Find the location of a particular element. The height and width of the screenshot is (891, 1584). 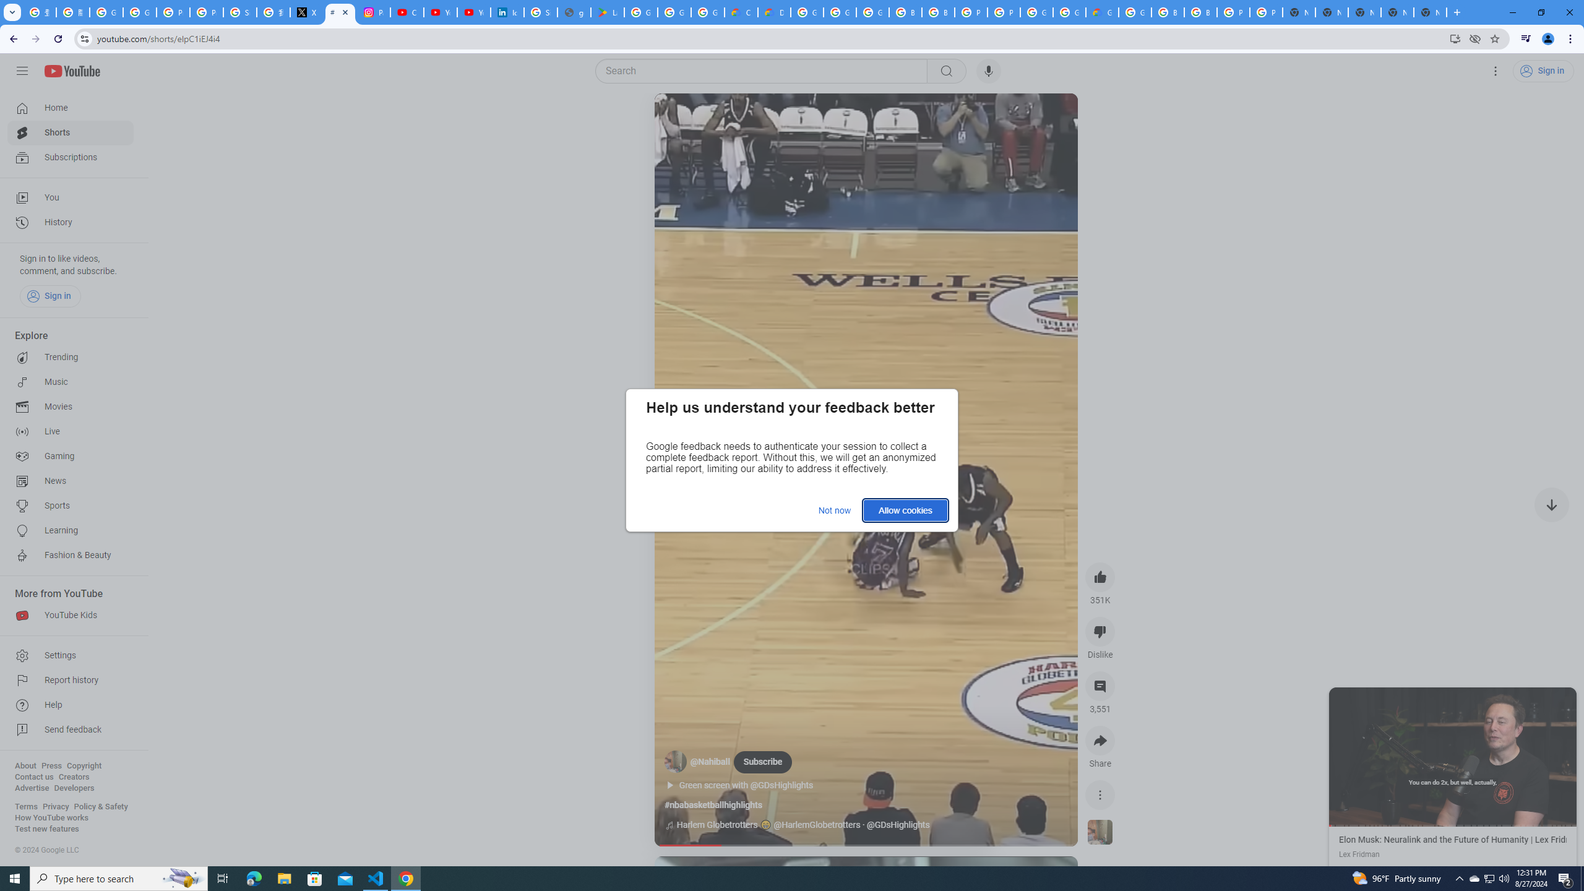

'Play (k)' is located at coordinates (678, 117).